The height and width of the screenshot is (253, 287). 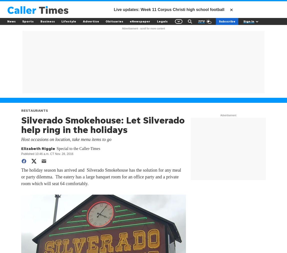 What do you see at coordinates (21, 176) in the screenshot?
I see `'The holiday season has arrived and  Silverado Smokehouse has the solution for any meal or party dilemma.  The eatery has a large banquet room for an office party and a private room which will seat 64 comfortably.'` at bounding box center [21, 176].